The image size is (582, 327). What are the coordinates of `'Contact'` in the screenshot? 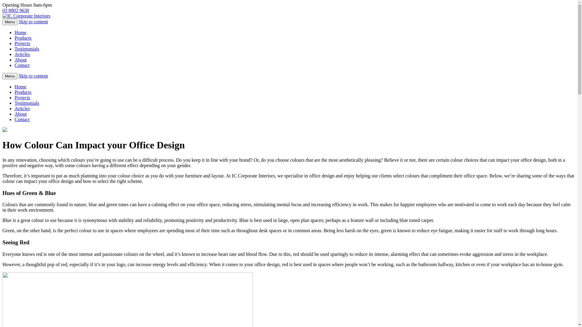 It's located at (15, 65).